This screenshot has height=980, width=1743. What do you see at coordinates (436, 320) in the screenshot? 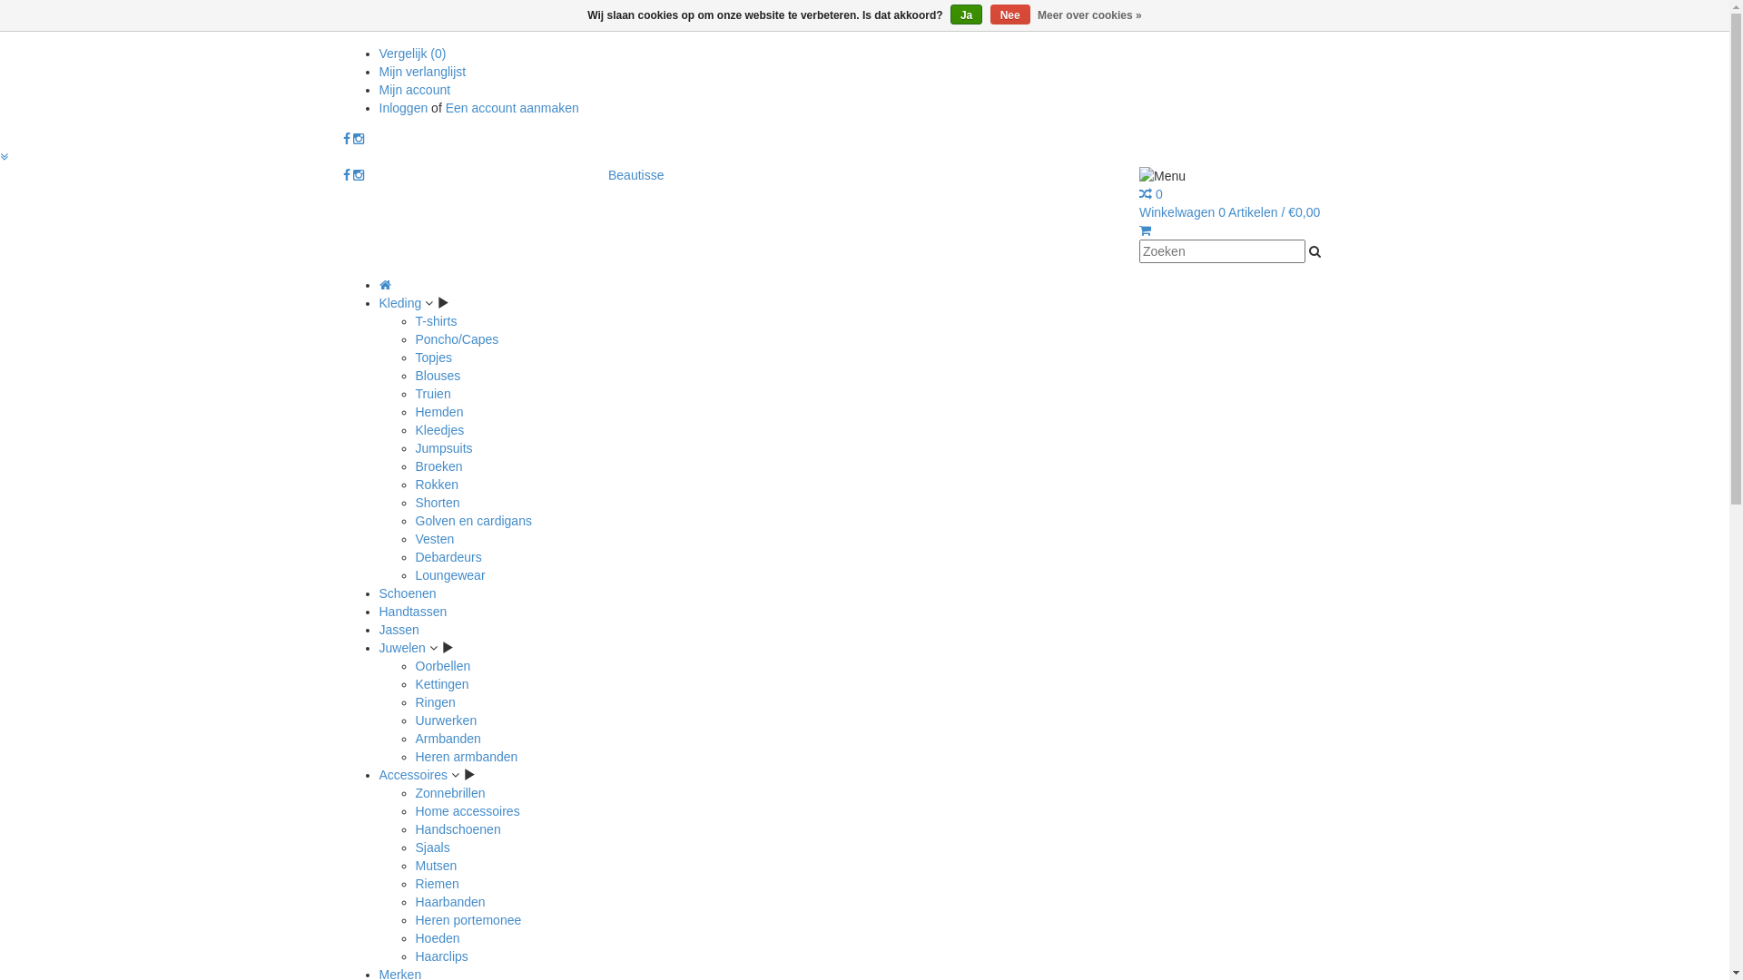
I see `'T-shirts'` at bounding box center [436, 320].